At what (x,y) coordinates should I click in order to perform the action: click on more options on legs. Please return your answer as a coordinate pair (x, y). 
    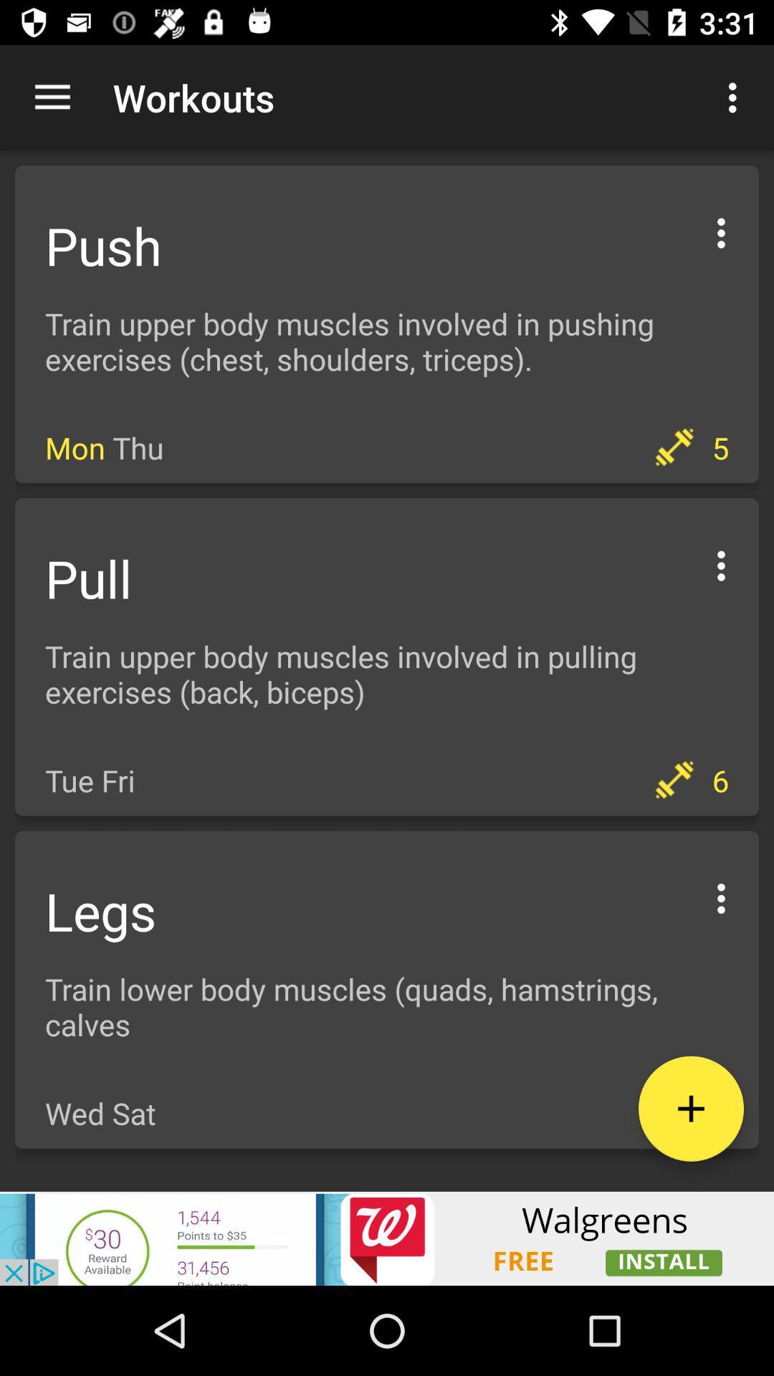
    Looking at the image, I should click on (721, 896).